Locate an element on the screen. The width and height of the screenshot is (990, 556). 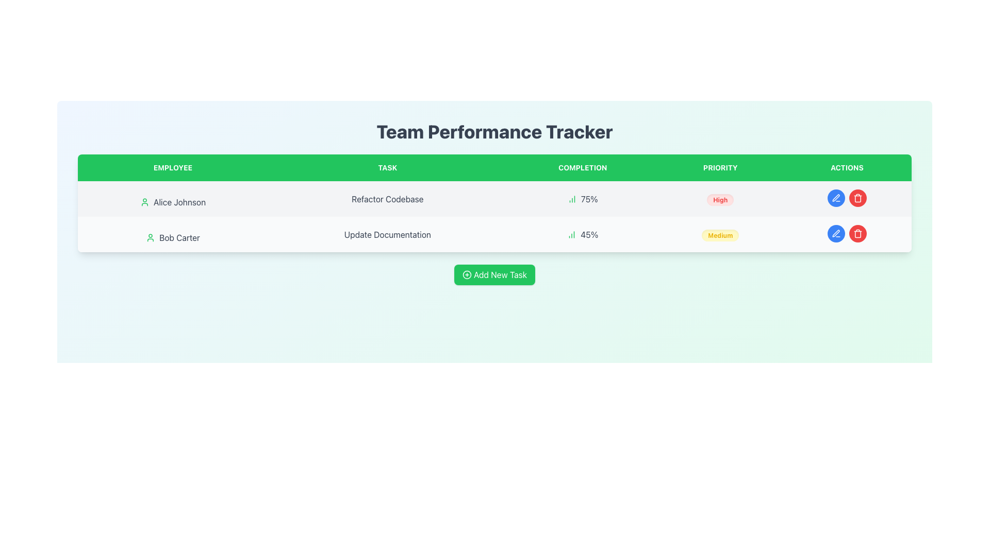
the trashcan icon located in the second row of the 'Actions' column is located at coordinates (857, 234).